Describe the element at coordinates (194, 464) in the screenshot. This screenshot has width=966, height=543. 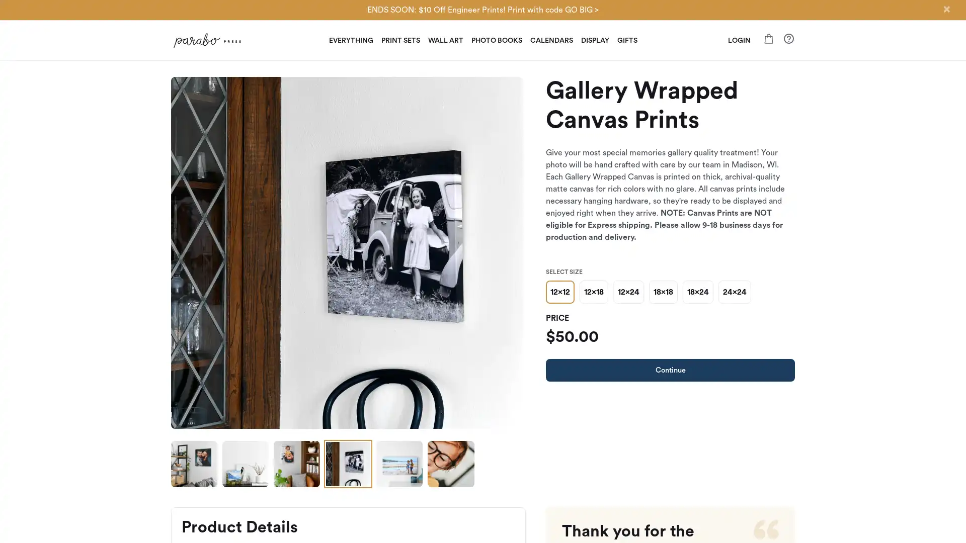
I see `slide dot` at that location.